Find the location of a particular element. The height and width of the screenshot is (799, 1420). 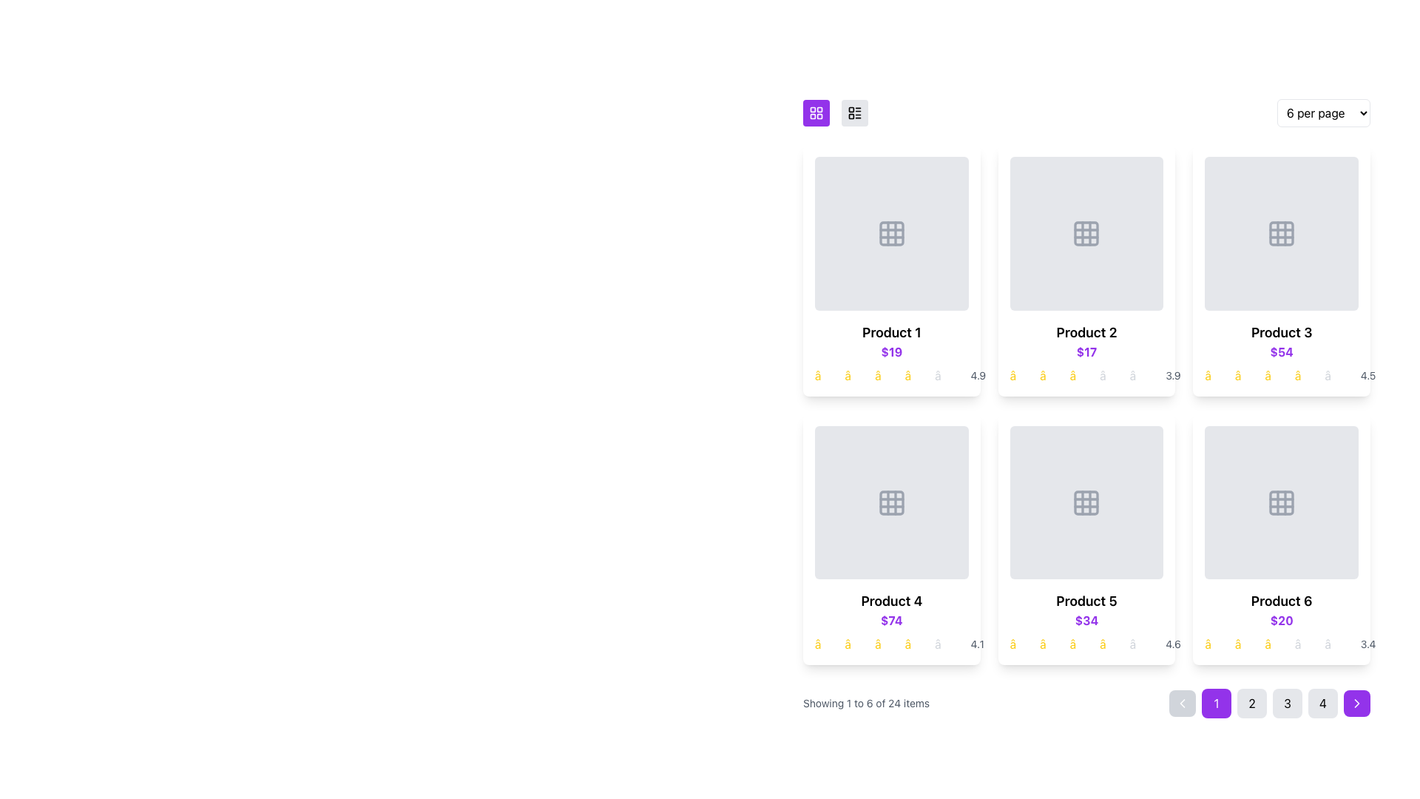

the static text displaying the number '4.9', which is positioned to the right of the star icons in the rating system below the 'Product 1' card is located at coordinates (978, 374).